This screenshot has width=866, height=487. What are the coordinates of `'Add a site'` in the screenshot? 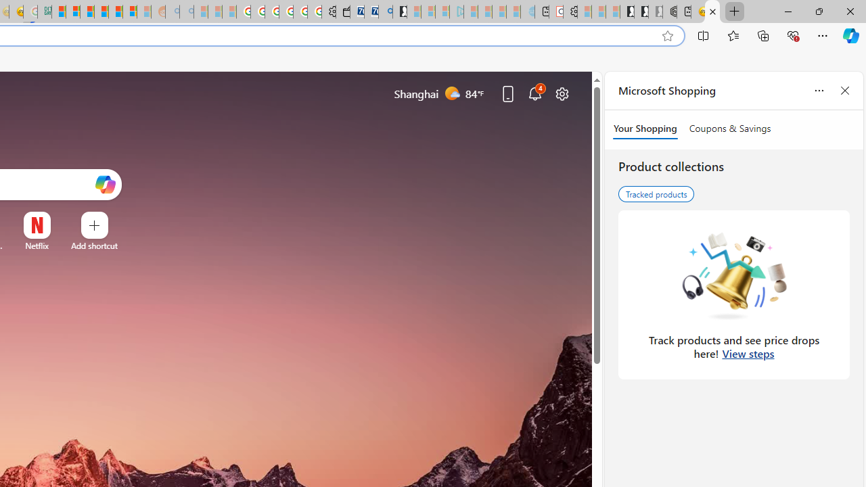 It's located at (93, 246).